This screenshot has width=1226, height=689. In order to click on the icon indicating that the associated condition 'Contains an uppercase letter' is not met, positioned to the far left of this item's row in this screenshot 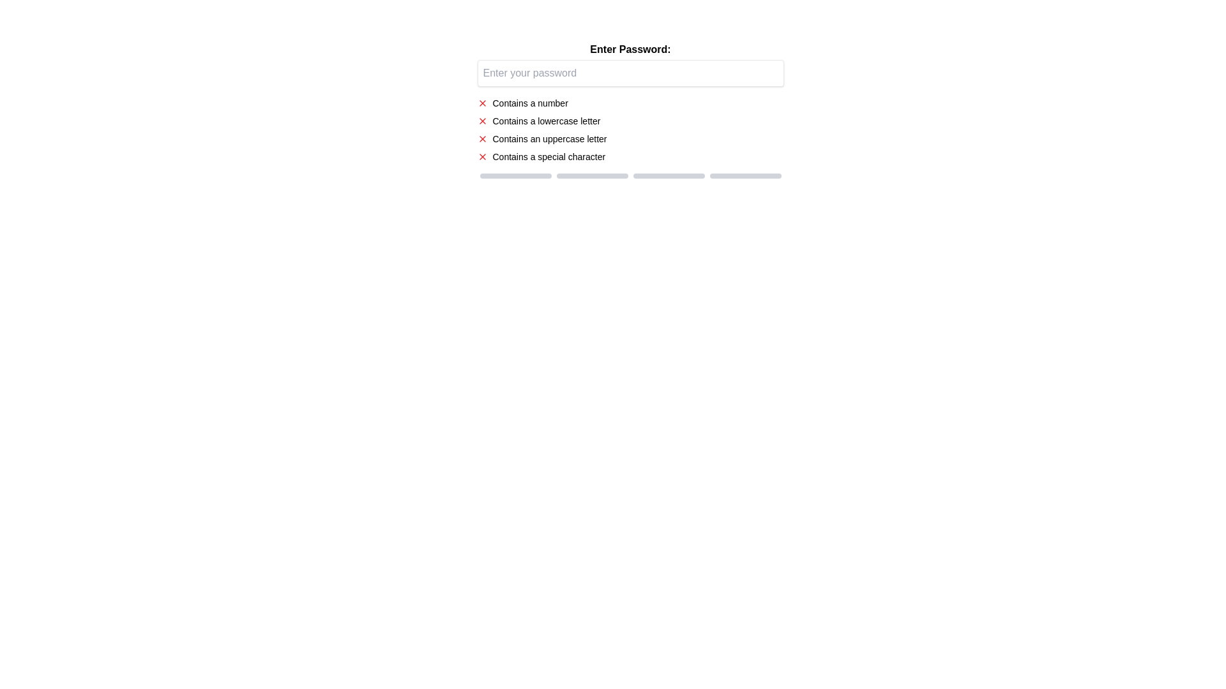, I will do `click(481, 139)`.